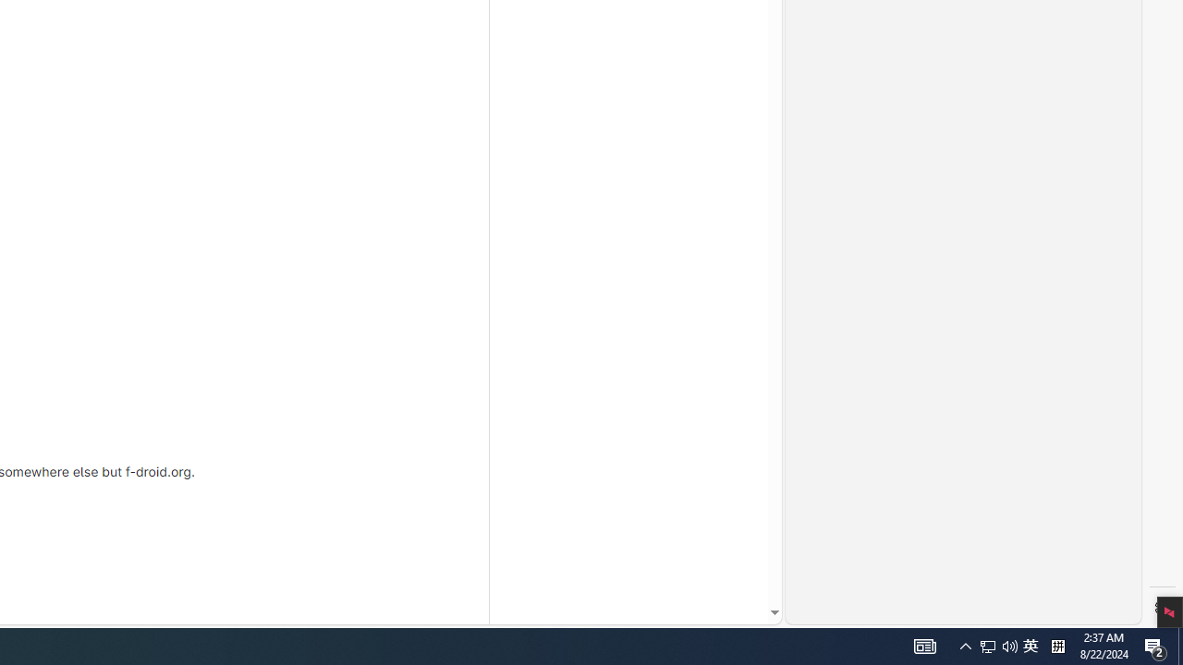 The width and height of the screenshot is (1183, 665). What do you see at coordinates (997, 645) in the screenshot?
I see `'Tray Input Indicator - Chinese (Simplified, China)'` at bounding box center [997, 645].